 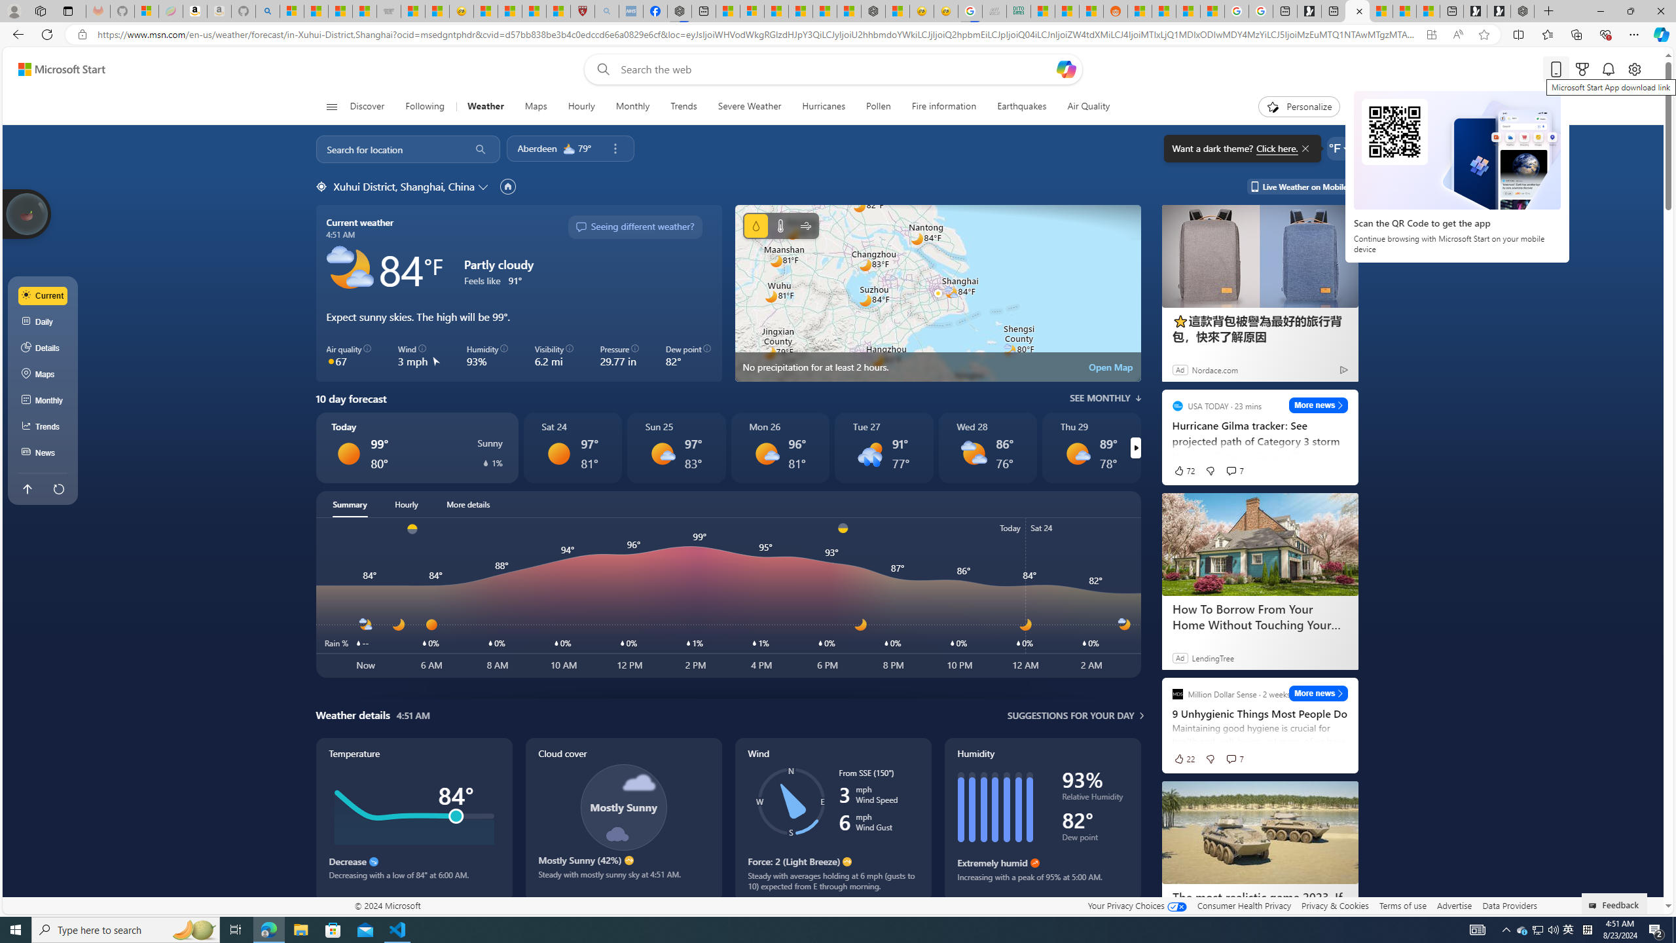 I want to click on 'Nordace.com', so click(x=1214, y=369).